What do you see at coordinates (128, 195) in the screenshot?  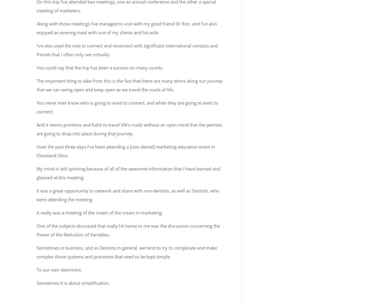 I see `'It was a great opportunity to network and share with non-dentists, as well as Dentists, who were attending the meeting.'` at bounding box center [128, 195].